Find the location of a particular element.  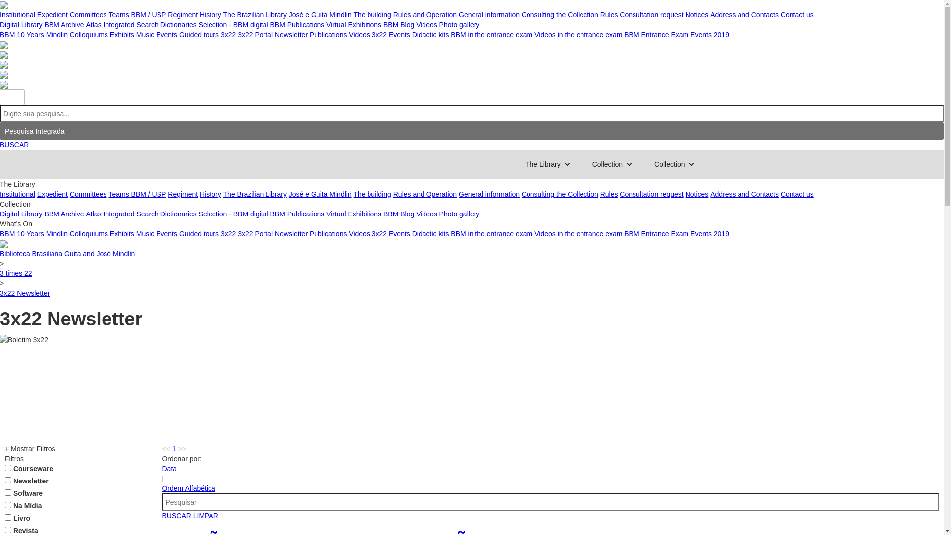

'>>' is located at coordinates (181, 449).